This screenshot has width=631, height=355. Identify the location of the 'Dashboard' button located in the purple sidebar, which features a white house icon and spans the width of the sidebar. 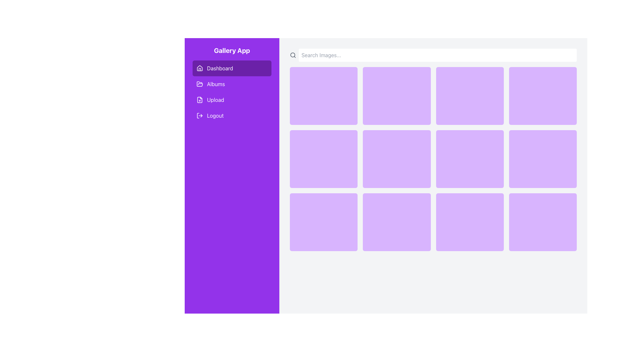
(232, 68).